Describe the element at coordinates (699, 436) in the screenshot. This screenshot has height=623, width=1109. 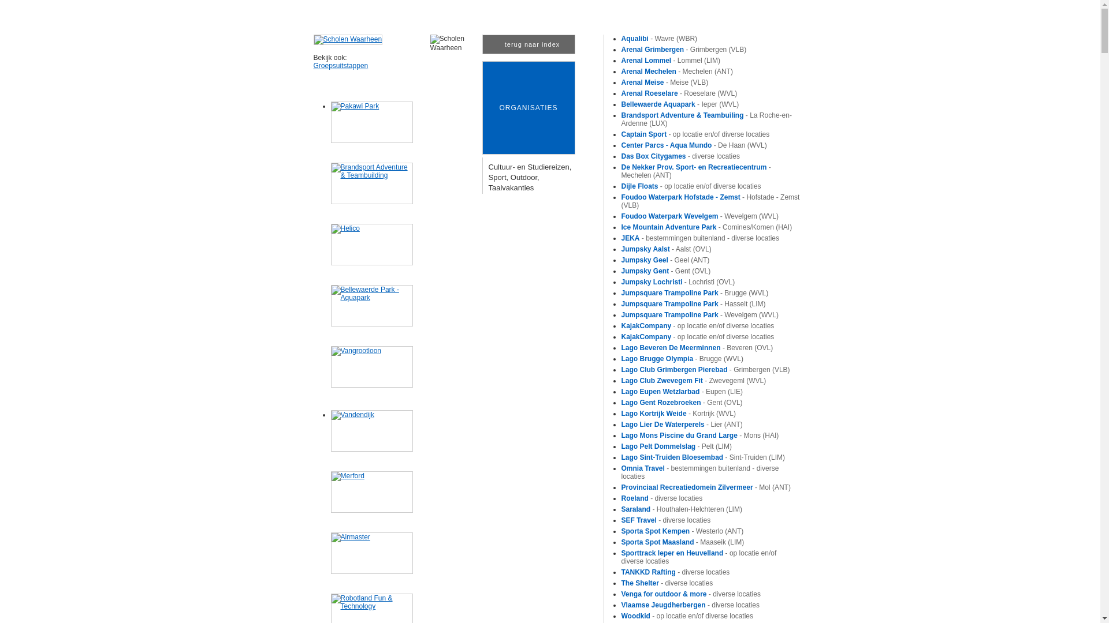
I see `'Lago Mons Piscine du Grand Large - Mons (HAI)'` at that location.